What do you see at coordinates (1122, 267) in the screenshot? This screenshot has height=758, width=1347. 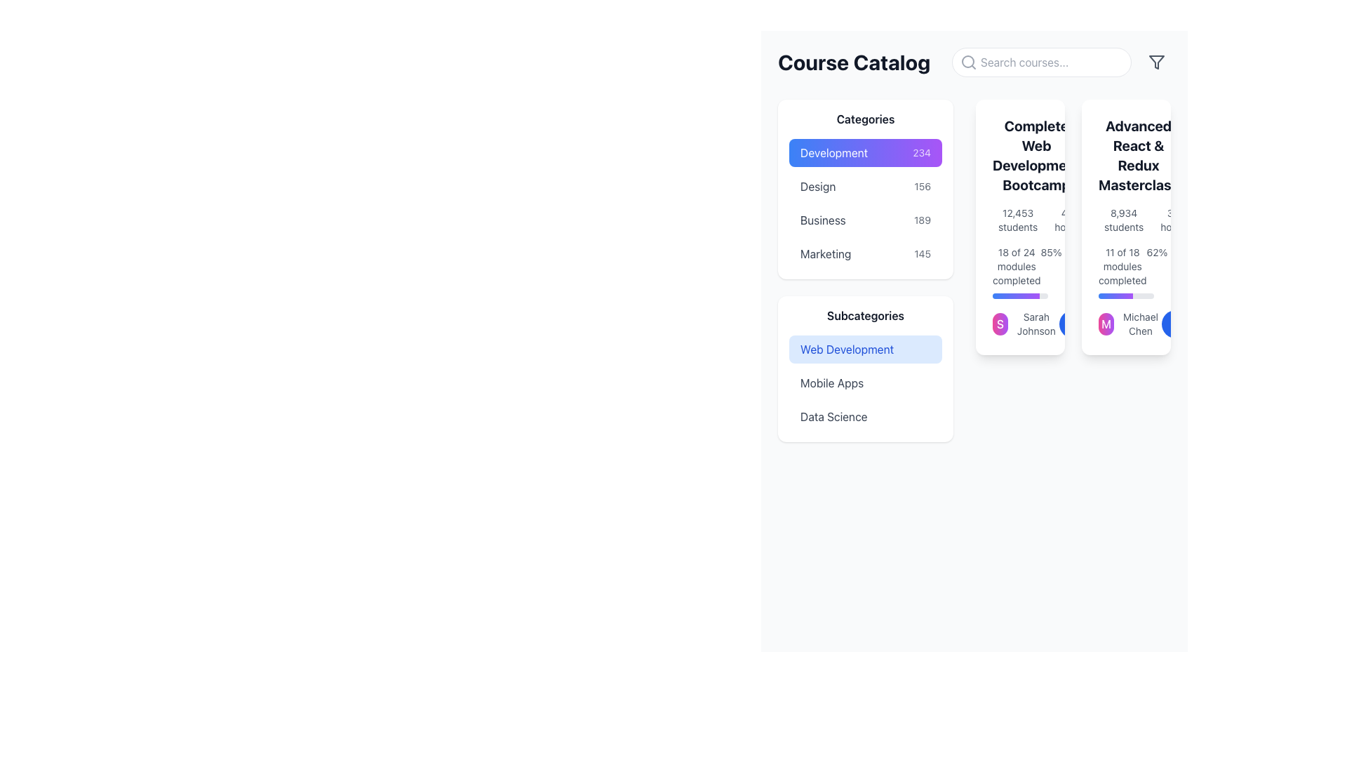 I see `progress information displayed in the text label showing '11 of 18 modules completed' which is located in the middle of the card for 'Advanced React & Redux Masterclass'` at bounding box center [1122, 267].